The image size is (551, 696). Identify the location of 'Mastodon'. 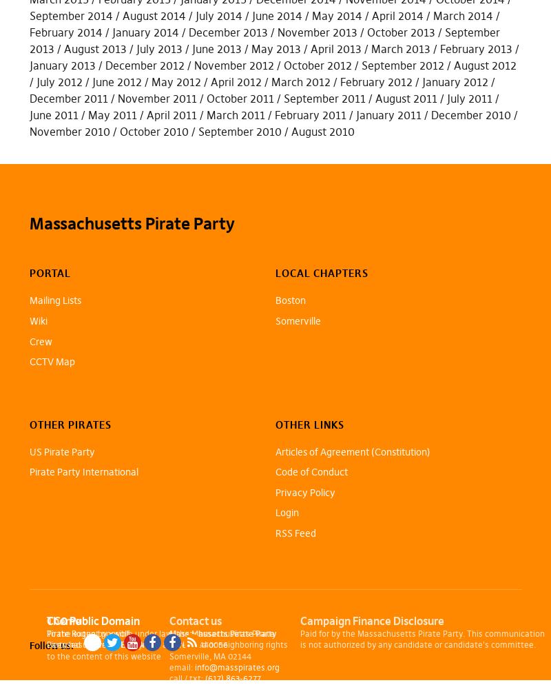
(107, 658).